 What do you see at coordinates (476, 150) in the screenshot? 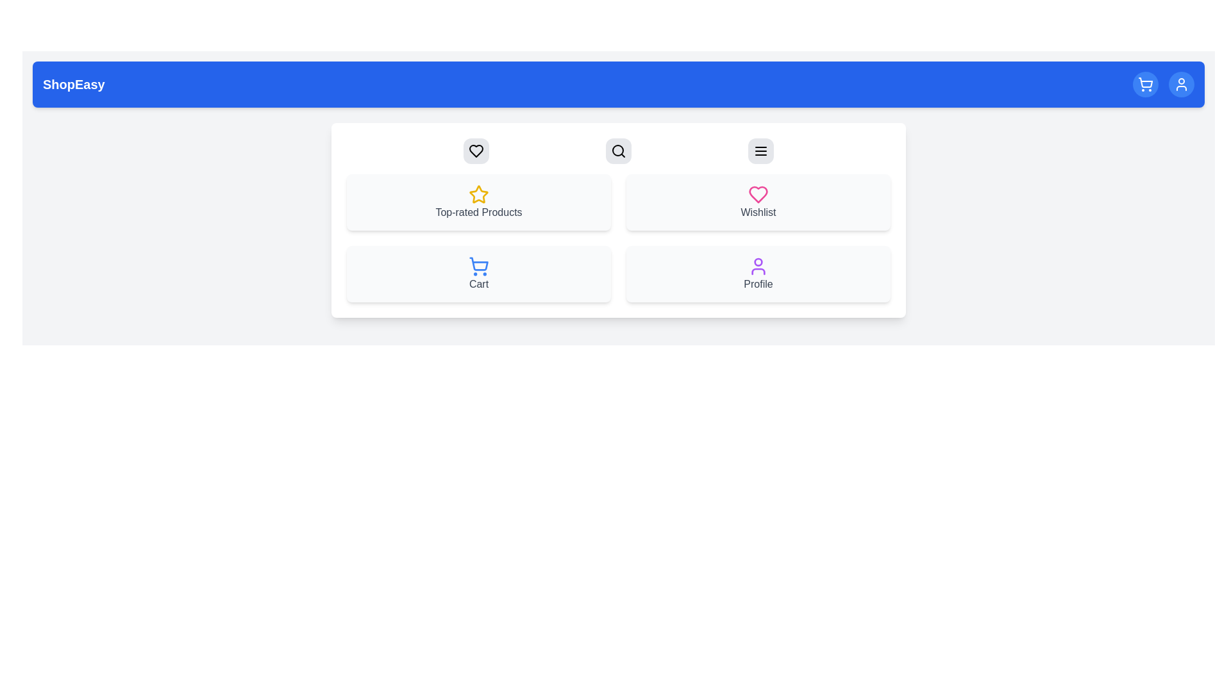
I see `the heart-shaped icon button with a light gray background` at bounding box center [476, 150].